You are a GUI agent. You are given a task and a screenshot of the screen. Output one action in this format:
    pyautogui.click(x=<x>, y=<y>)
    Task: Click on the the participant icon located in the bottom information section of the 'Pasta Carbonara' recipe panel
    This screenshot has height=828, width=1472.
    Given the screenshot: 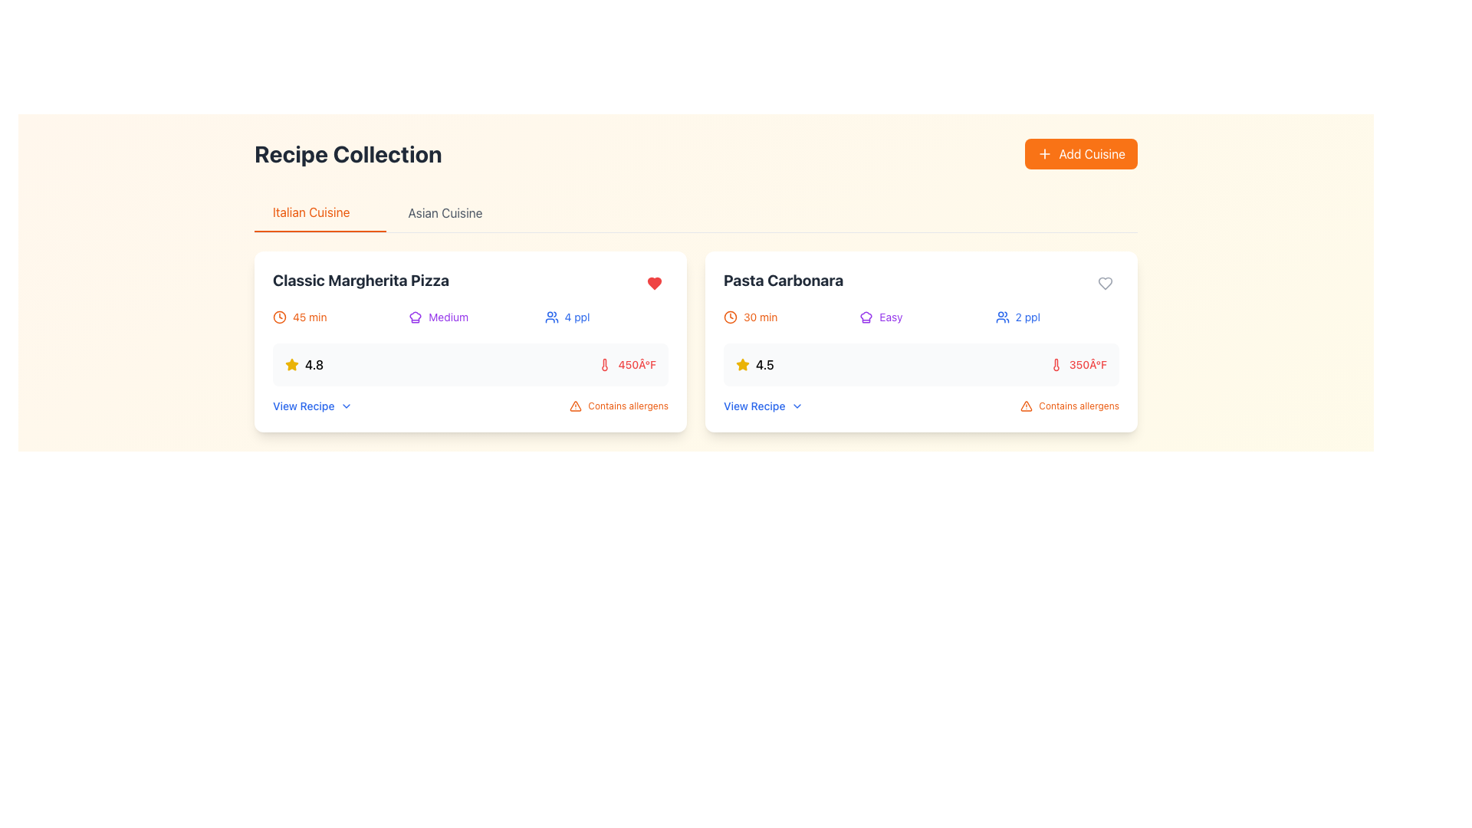 What is the action you would take?
    pyautogui.click(x=1002, y=316)
    